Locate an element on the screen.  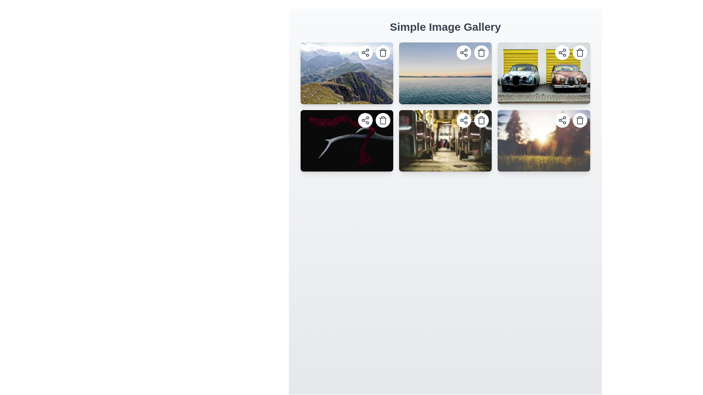
the circular delete button with a dark trashcan icon located in the top-right corner of the third image in the grid layout is located at coordinates (580, 52).